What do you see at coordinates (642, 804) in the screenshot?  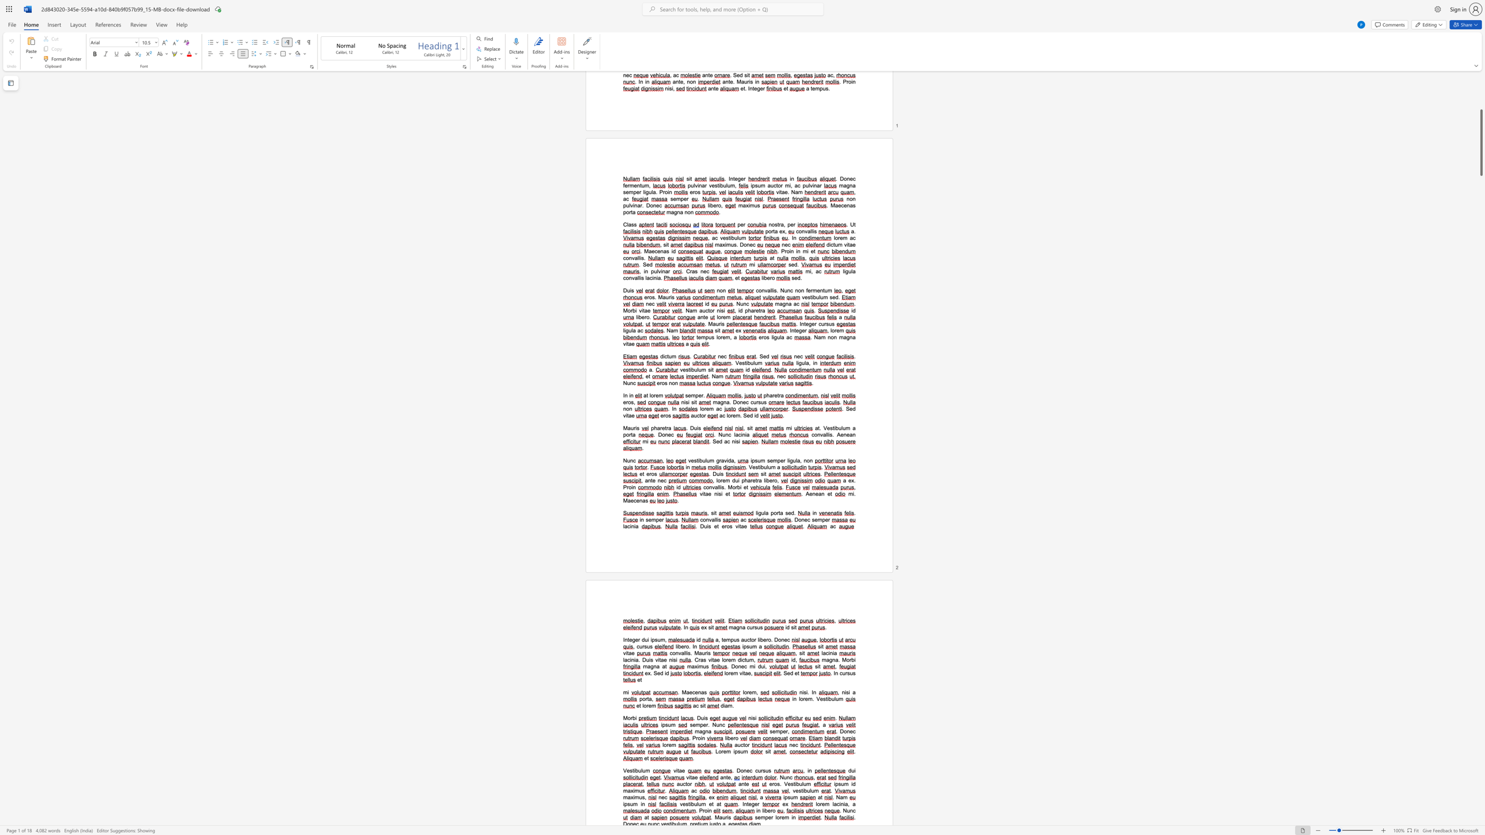 I see `the space between the continuous character "i" and "n" in the text` at bounding box center [642, 804].